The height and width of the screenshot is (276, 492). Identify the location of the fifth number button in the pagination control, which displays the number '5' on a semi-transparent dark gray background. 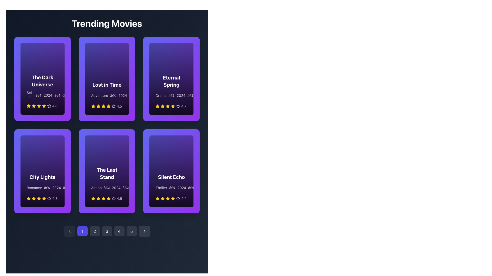
(131, 231).